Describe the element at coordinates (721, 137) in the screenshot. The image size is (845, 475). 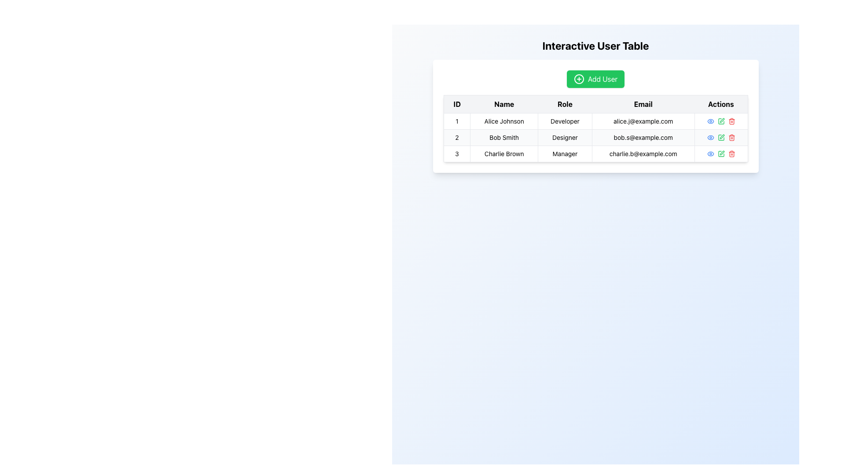
I see `the green pencil icon in the Actions column of the second row corresponding to 'Bob Smith'` at that location.